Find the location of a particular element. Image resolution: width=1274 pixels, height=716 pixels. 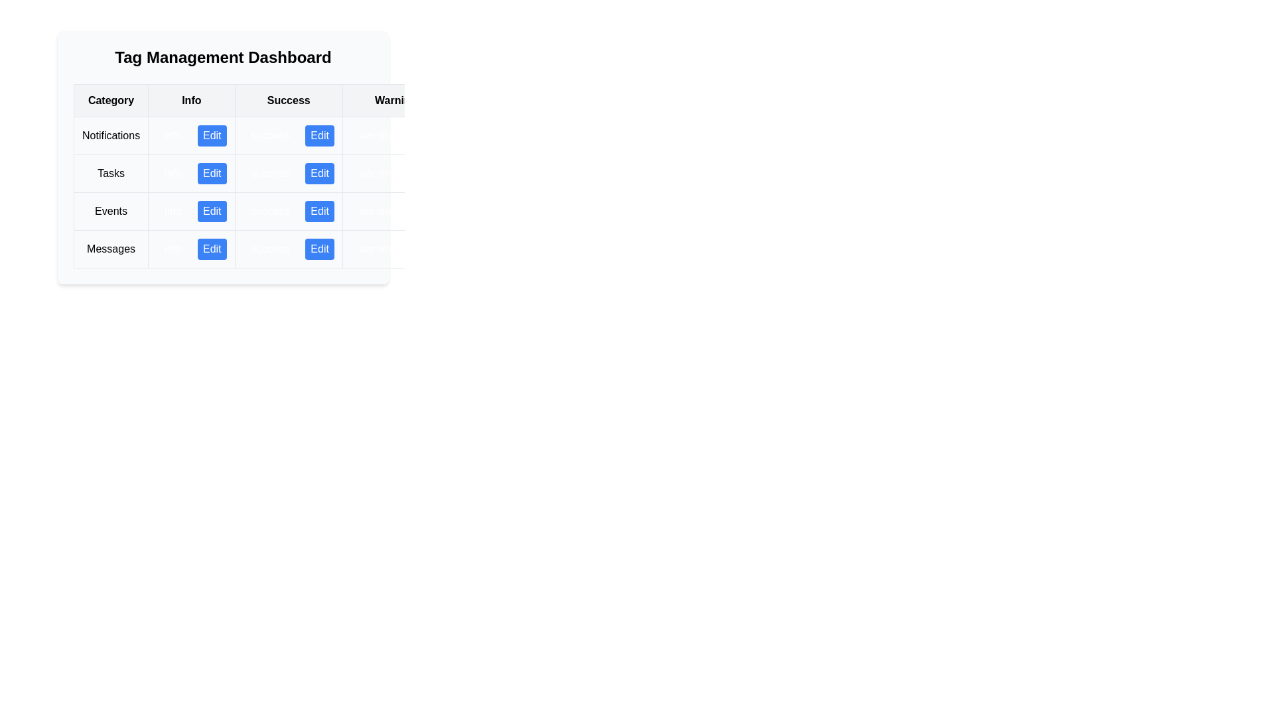

the composite component labeled 'success' with a green background and adjacent blue button labeled 'Edit' for interaction hints is located at coordinates (288, 211).